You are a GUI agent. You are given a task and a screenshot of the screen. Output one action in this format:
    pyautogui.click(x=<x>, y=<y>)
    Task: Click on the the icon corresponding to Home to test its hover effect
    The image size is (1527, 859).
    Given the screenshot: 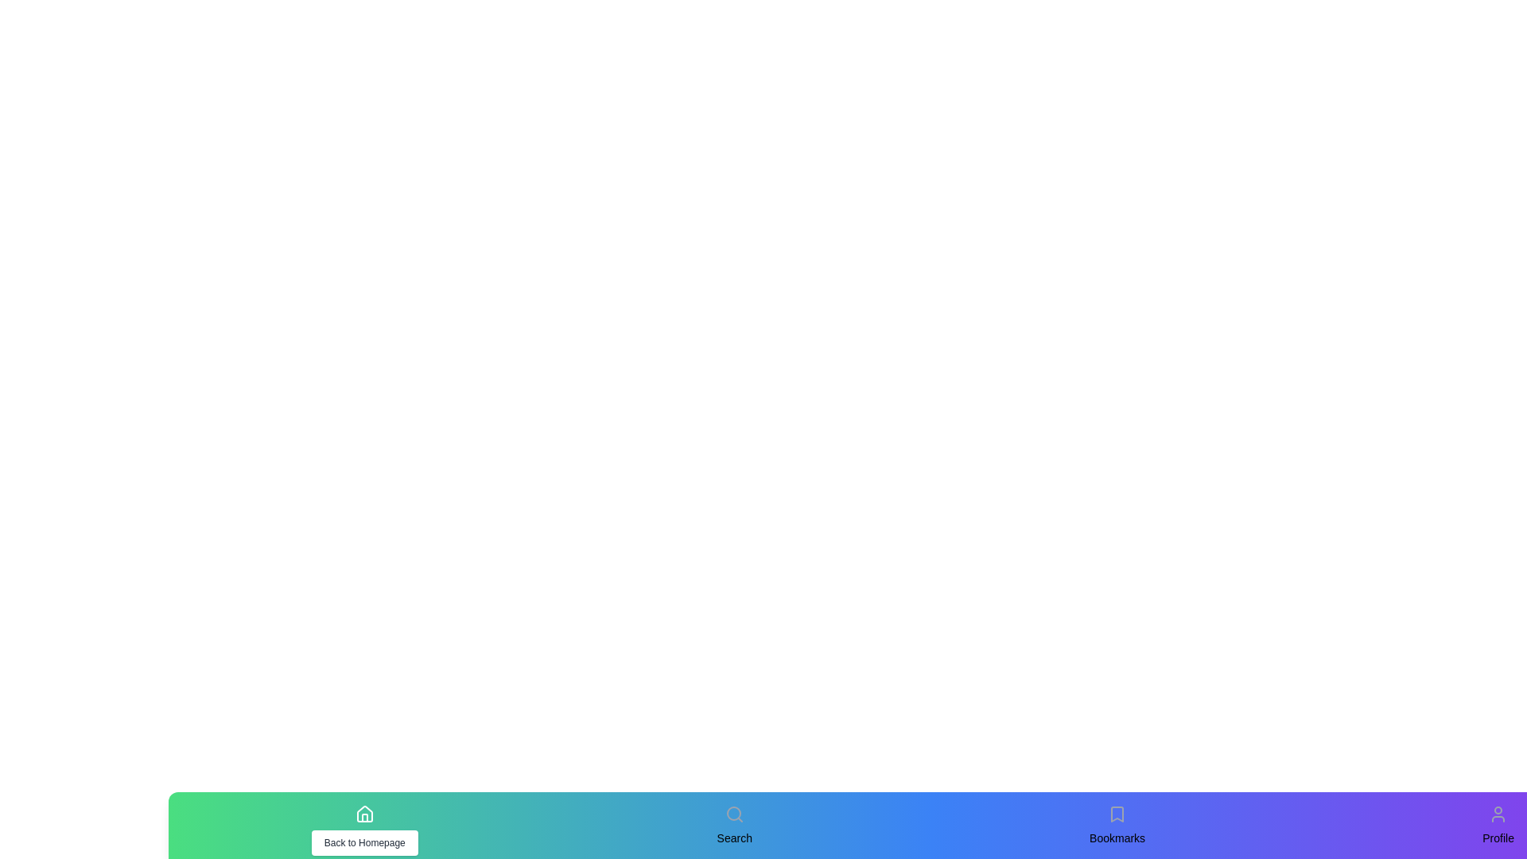 What is the action you would take?
    pyautogui.click(x=363, y=814)
    